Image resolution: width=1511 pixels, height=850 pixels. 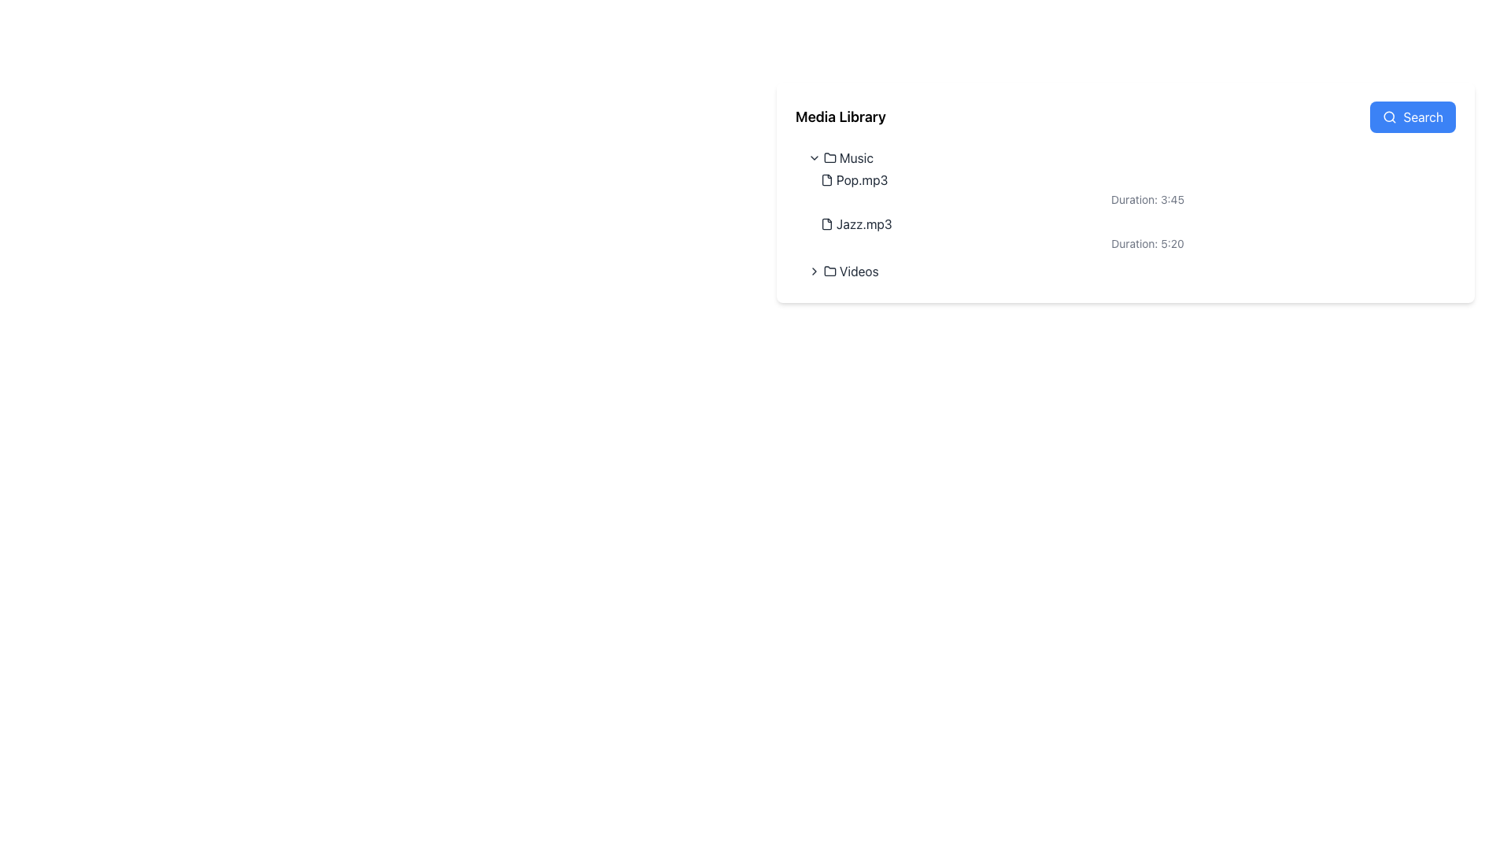 I want to click on the folder icon in the Media Library, so click(x=829, y=157).